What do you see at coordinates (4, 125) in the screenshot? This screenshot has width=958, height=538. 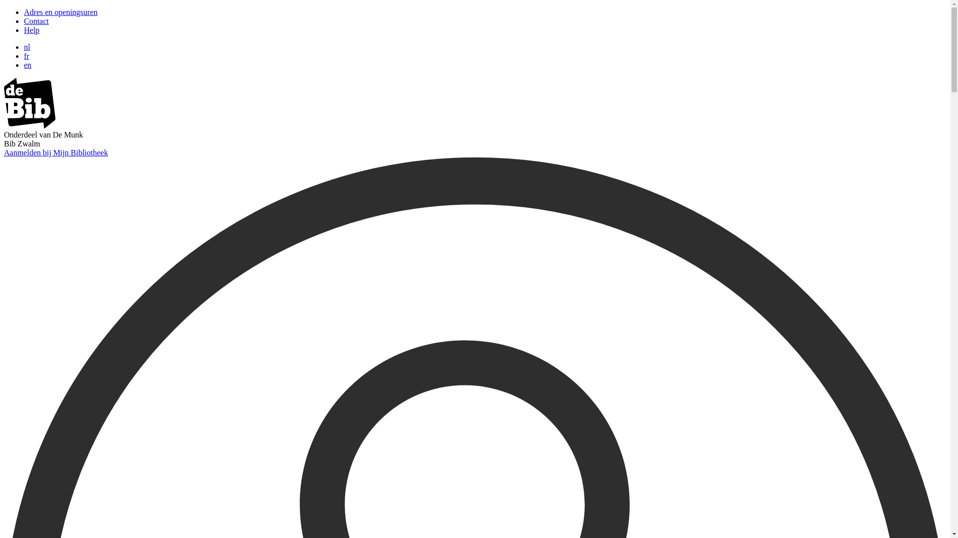 I see `'image/svg+xml'` at bounding box center [4, 125].